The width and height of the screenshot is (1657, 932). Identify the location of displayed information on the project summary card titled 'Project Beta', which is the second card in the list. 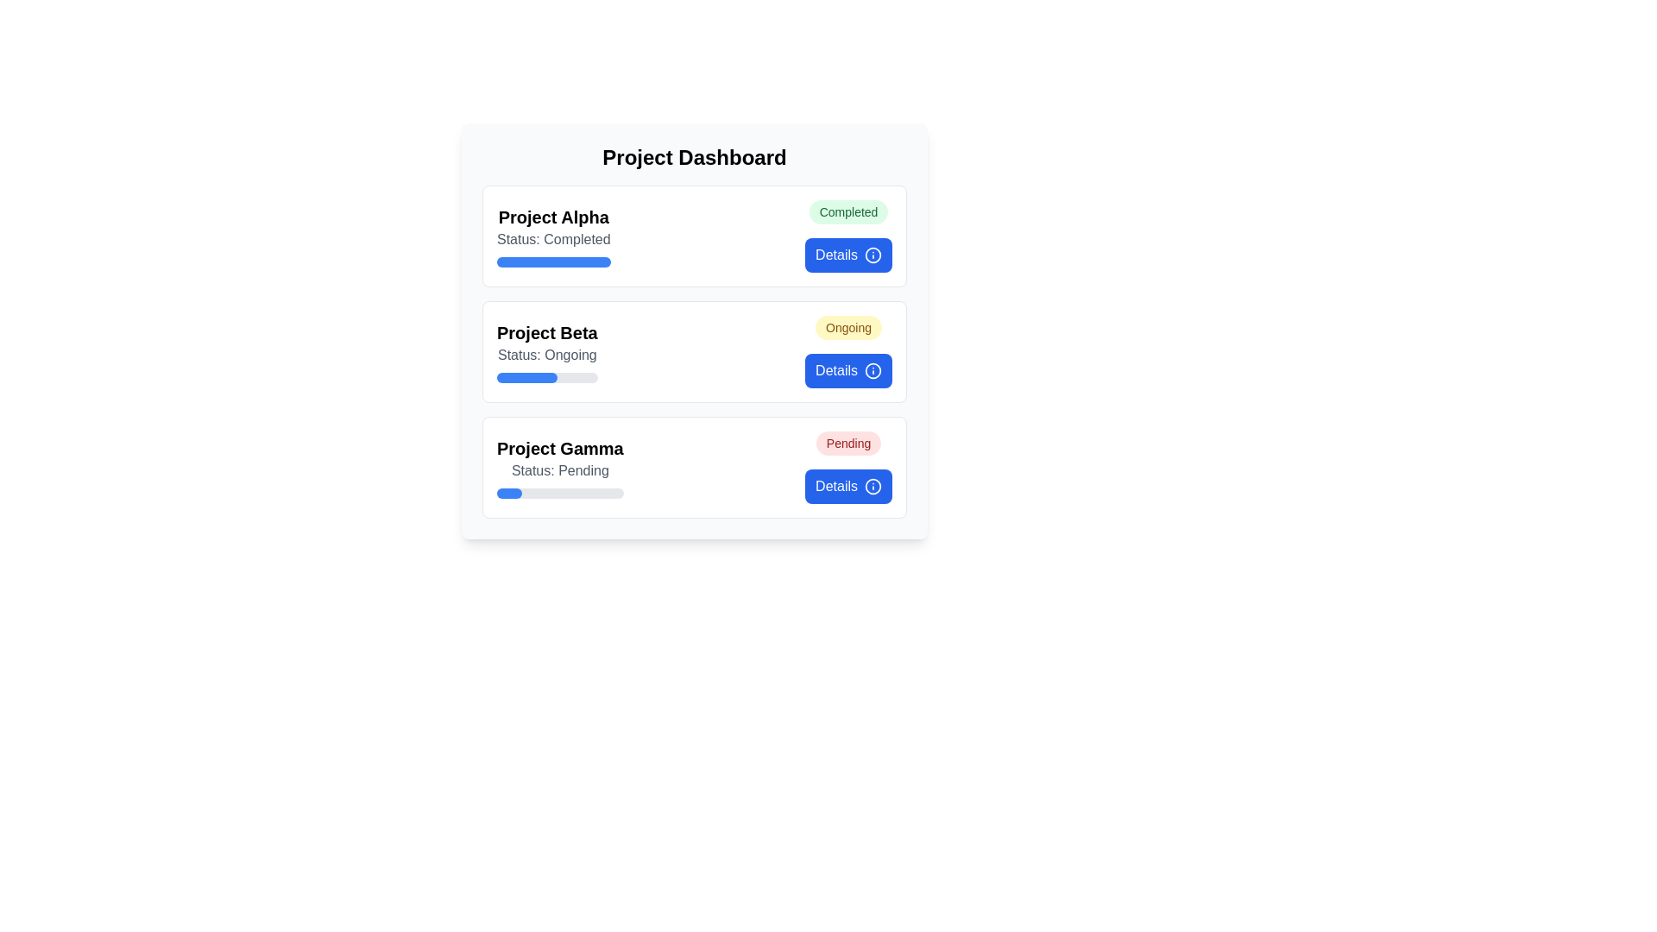
(695, 351).